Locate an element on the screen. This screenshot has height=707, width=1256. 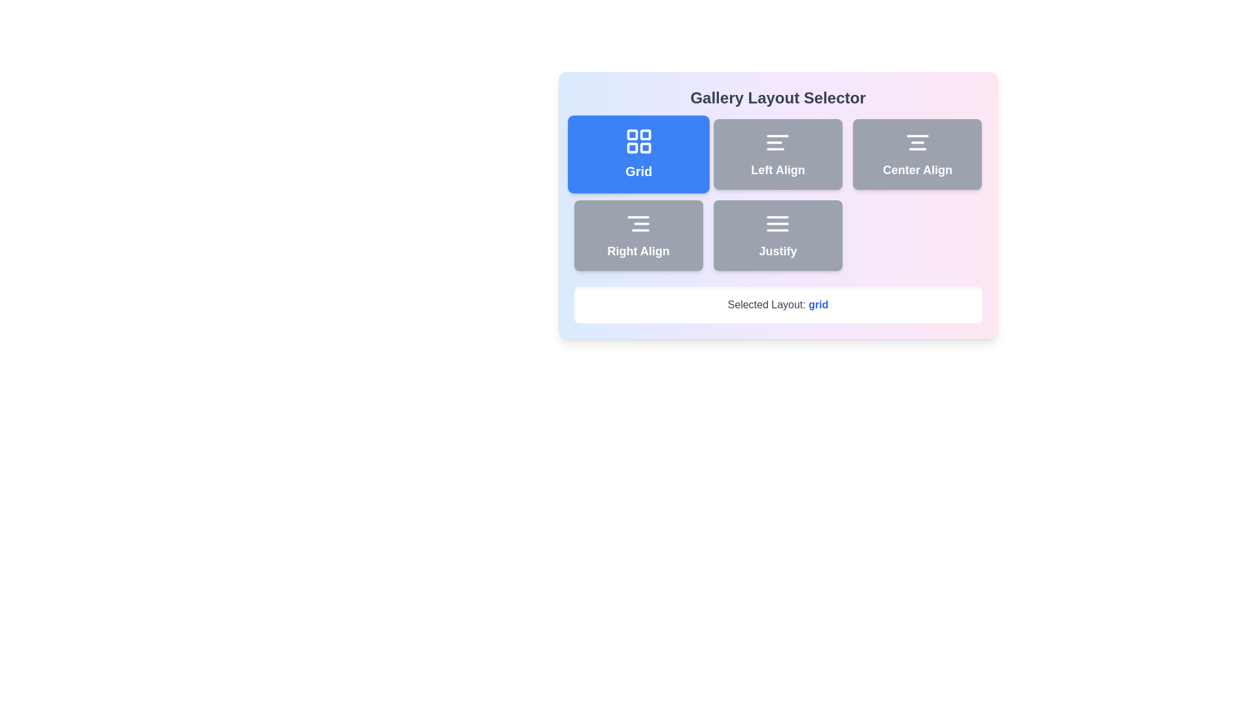
the 'Justify' alignment button located in the bottom right corner of the 2x3 grid layout is located at coordinates (778, 234).